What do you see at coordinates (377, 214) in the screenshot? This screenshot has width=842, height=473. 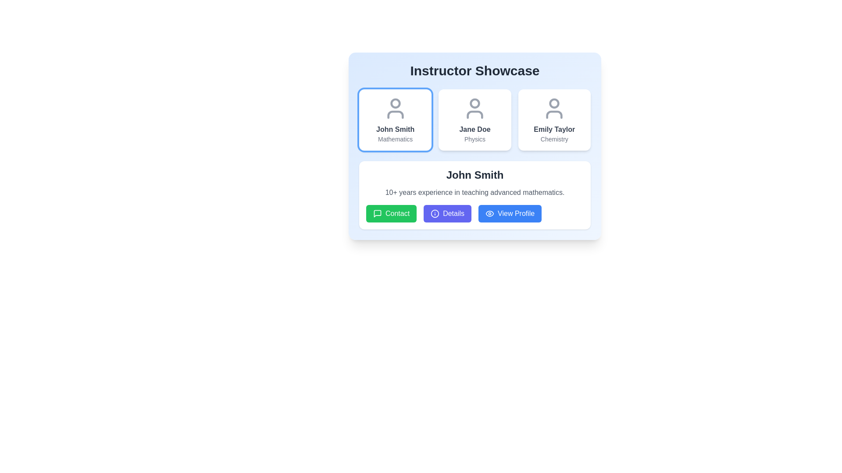 I see `the chat message icon, which is a modern outlined square speech bubble located at the bottom left section of the modal displaying instructor details` at bounding box center [377, 214].